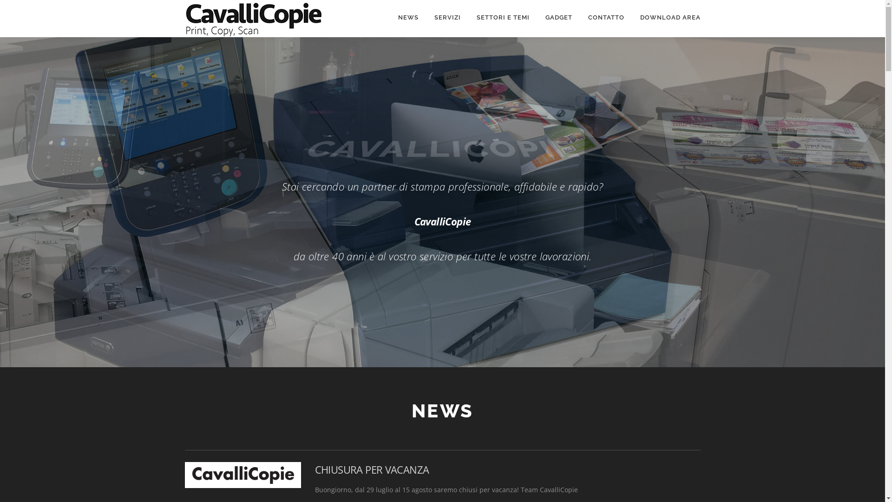  What do you see at coordinates (665, 17) in the screenshot?
I see `'DOWNLOAD AREA'` at bounding box center [665, 17].